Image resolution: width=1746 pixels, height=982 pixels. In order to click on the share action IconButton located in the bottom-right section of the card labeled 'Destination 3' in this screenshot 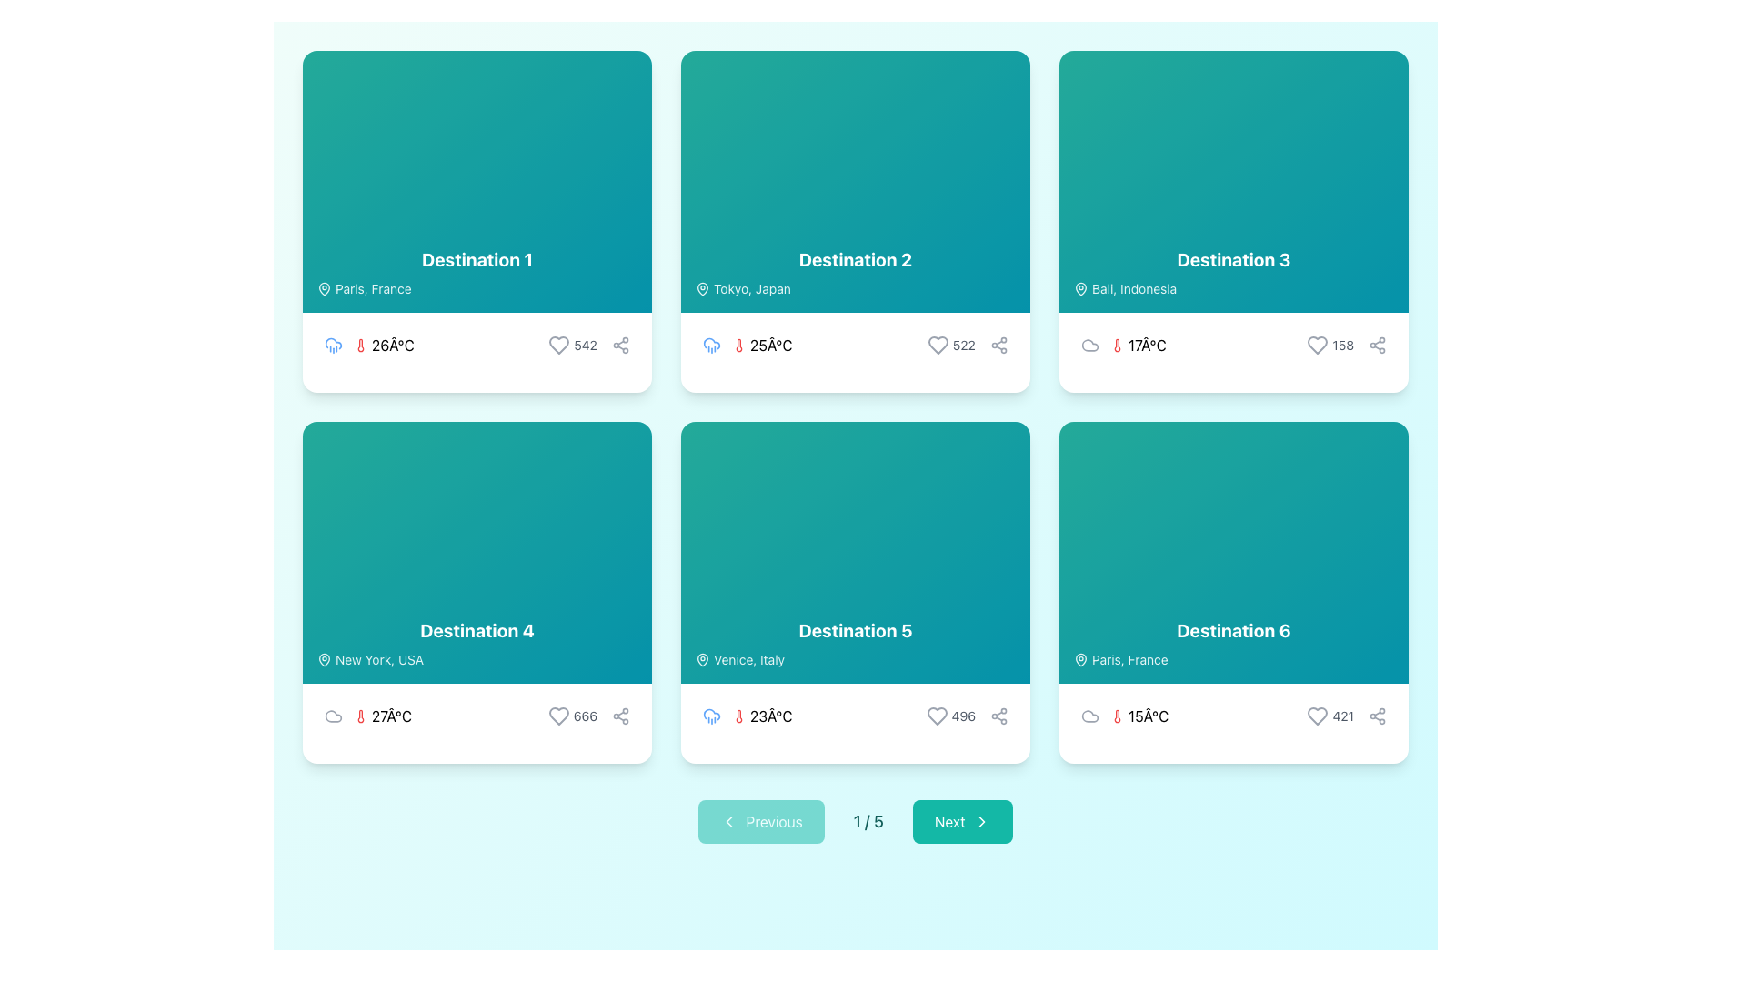, I will do `click(1378, 346)`.